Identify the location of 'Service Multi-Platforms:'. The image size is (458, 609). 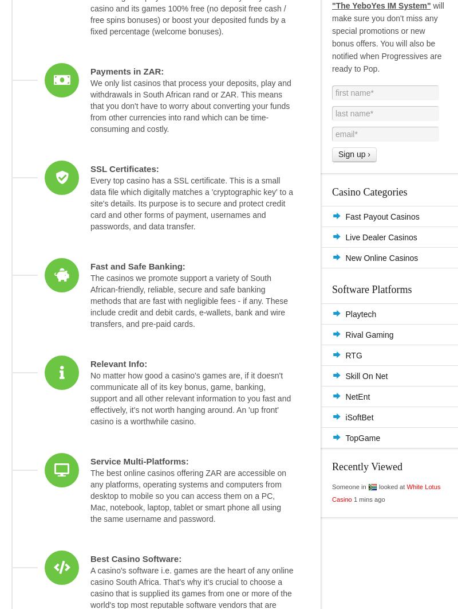
(139, 460).